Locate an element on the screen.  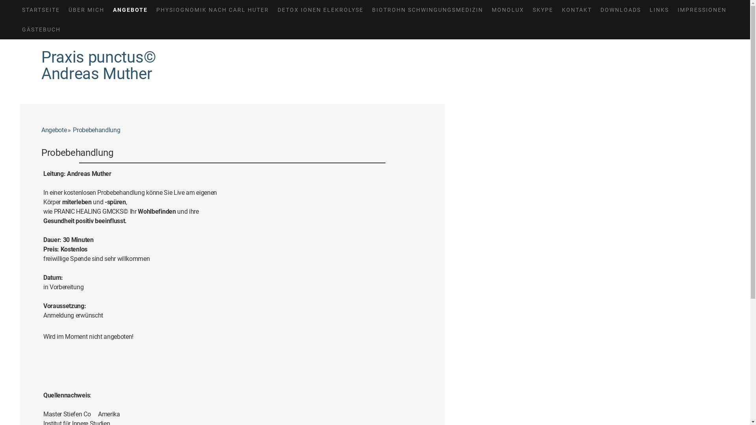
'MONOLUX' is located at coordinates (508, 9).